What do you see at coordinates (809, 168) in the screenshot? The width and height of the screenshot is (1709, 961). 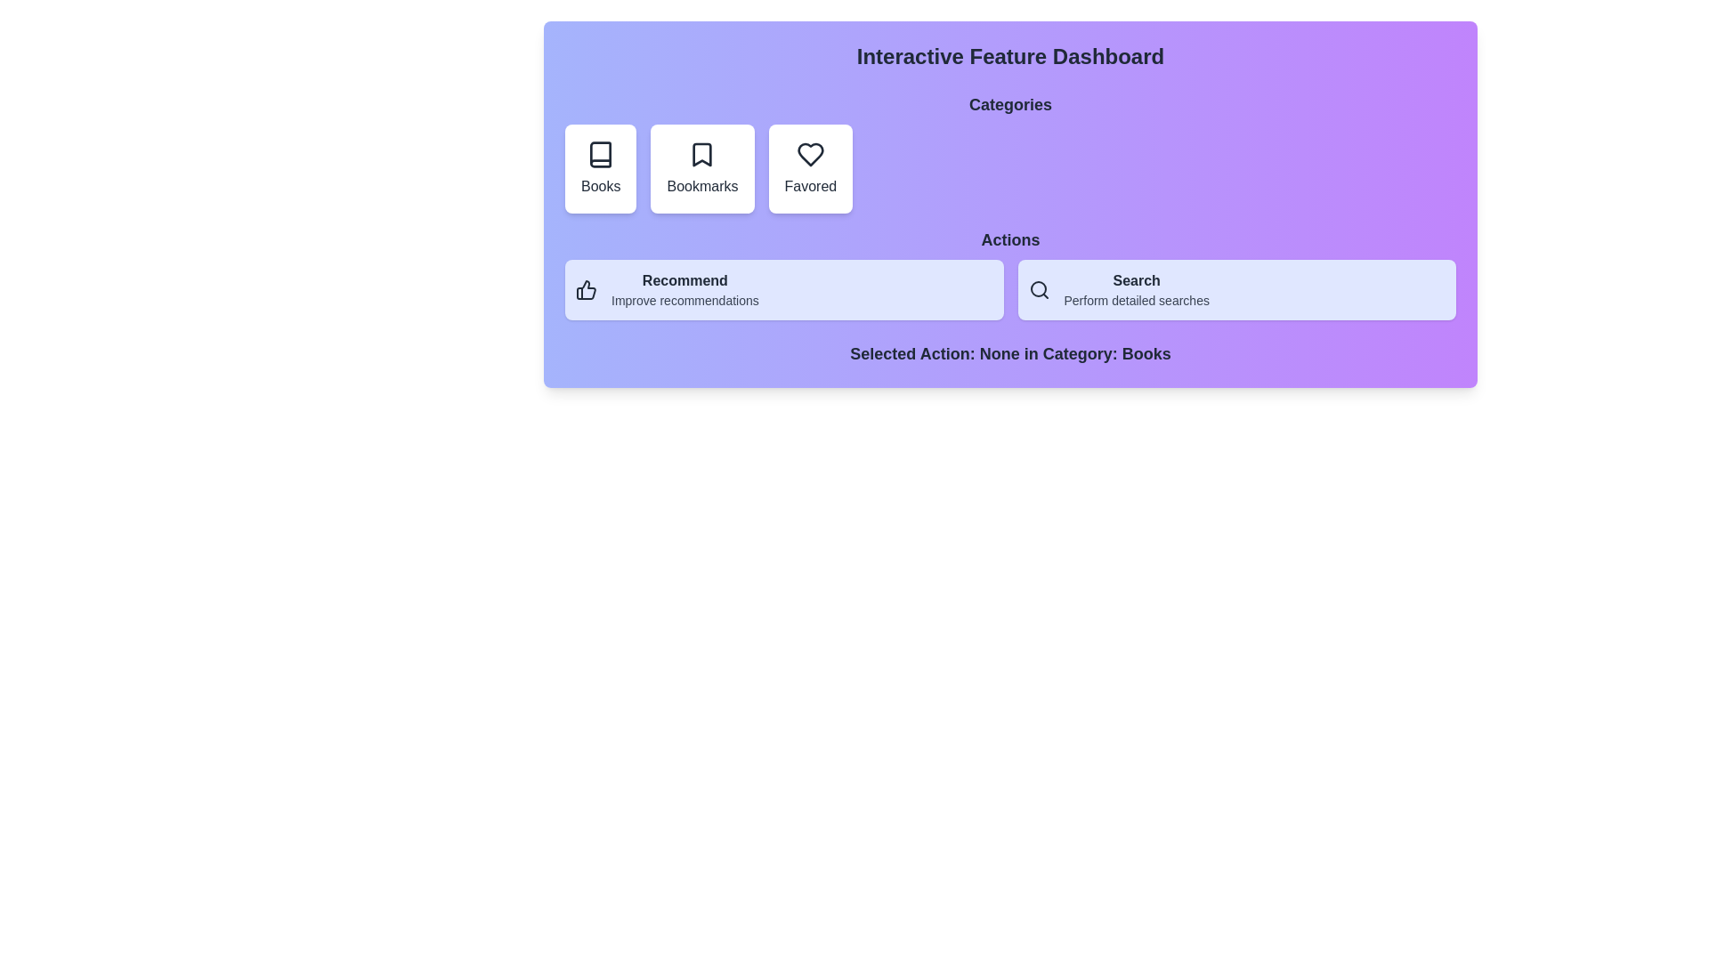 I see `the 'Favored' category button, which is the third item in a horizontal list of category cards under the 'Categories' header, to filter or display items tagged as 'Favored'` at bounding box center [809, 168].